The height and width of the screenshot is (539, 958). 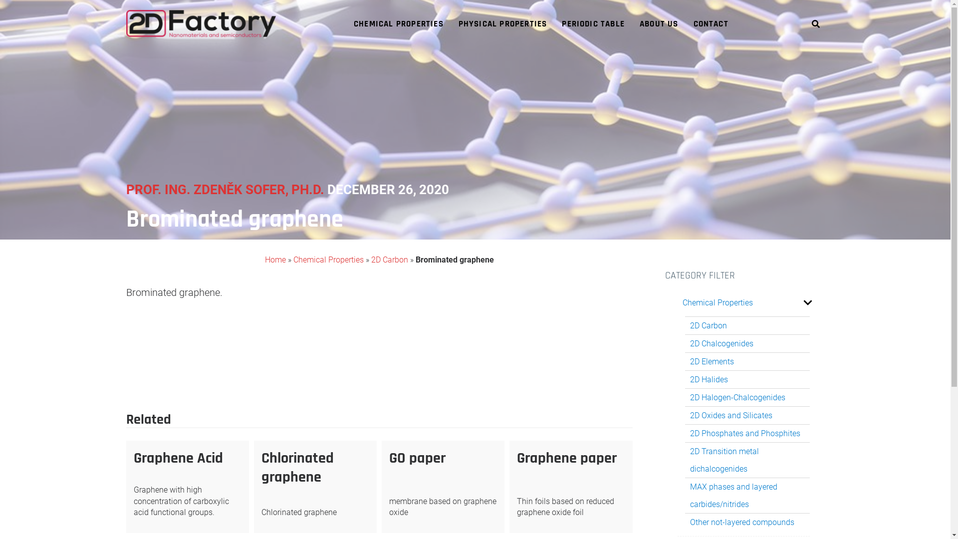 I want to click on 'PHYSICAL PROPERTIES', so click(x=503, y=24).